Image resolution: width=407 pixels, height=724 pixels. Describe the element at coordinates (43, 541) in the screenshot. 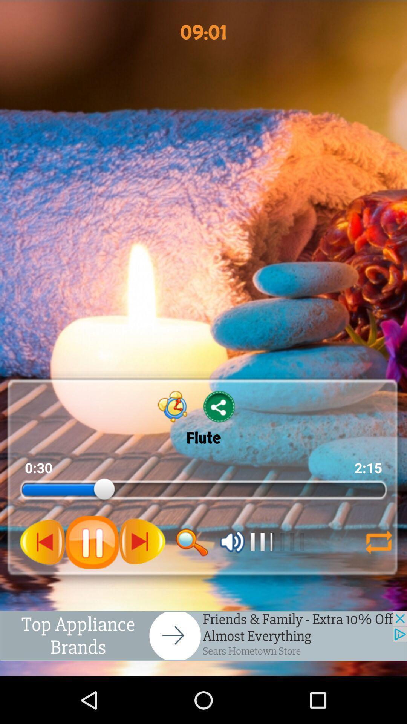

I see `previous button` at that location.